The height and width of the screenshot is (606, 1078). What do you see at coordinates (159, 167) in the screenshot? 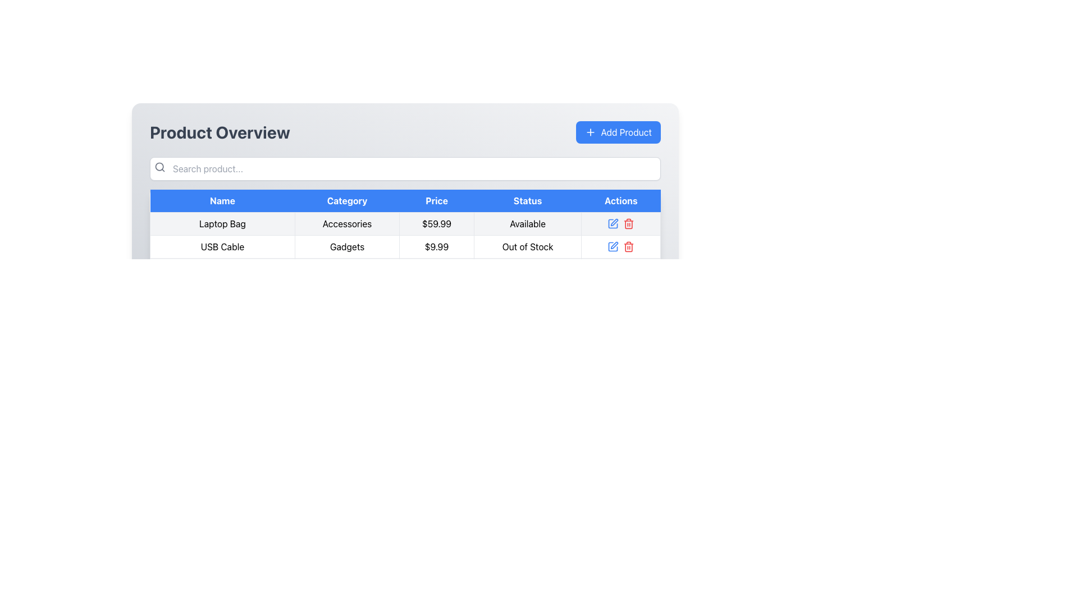
I see `the magnifying glass icon, which is styled as an outline and located to the left of the 'Search product...' input box` at bounding box center [159, 167].